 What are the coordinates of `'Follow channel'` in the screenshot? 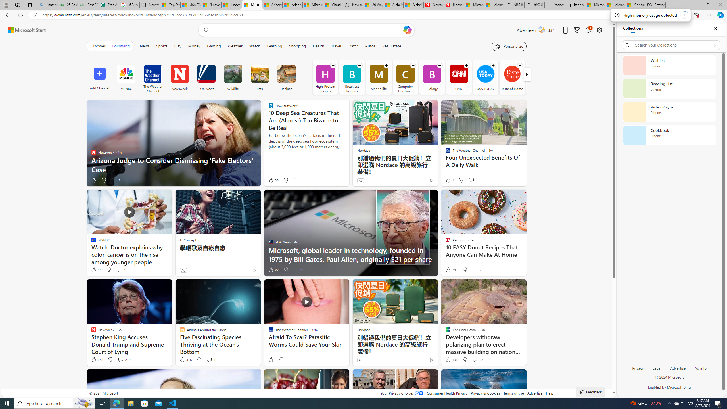 It's located at (520, 65).